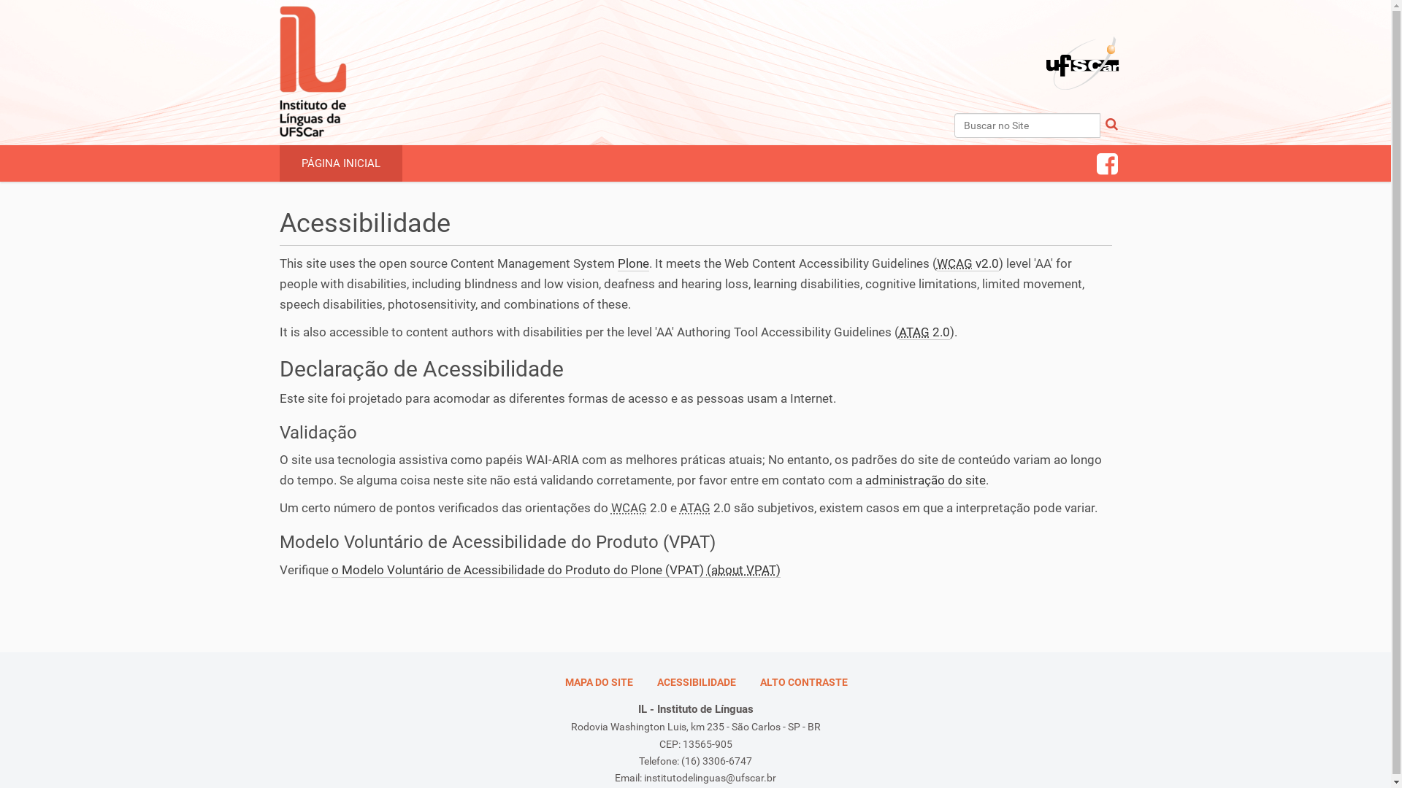 This screenshot has height=788, width=1402. Describe the element at coordinates (696, 681) in the screenshot. I see `'ACESSIBILIDADE'` at that location.